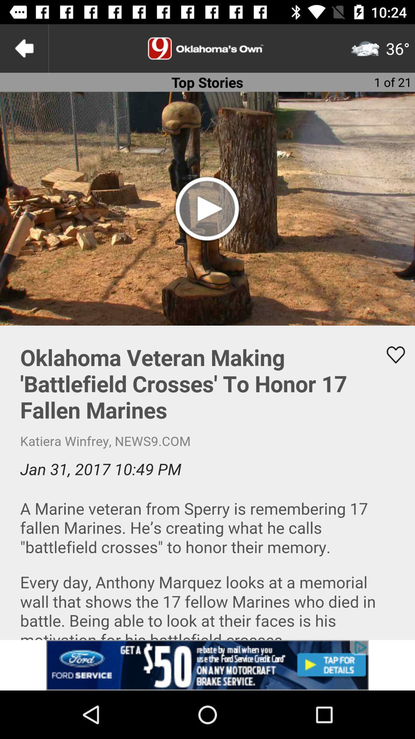 This screenshot has height=739, width=415. What do you see at coordinates (23, 48) in the screenshot?
I see `the arrow_backward icon` at bounding box center [23, 48].